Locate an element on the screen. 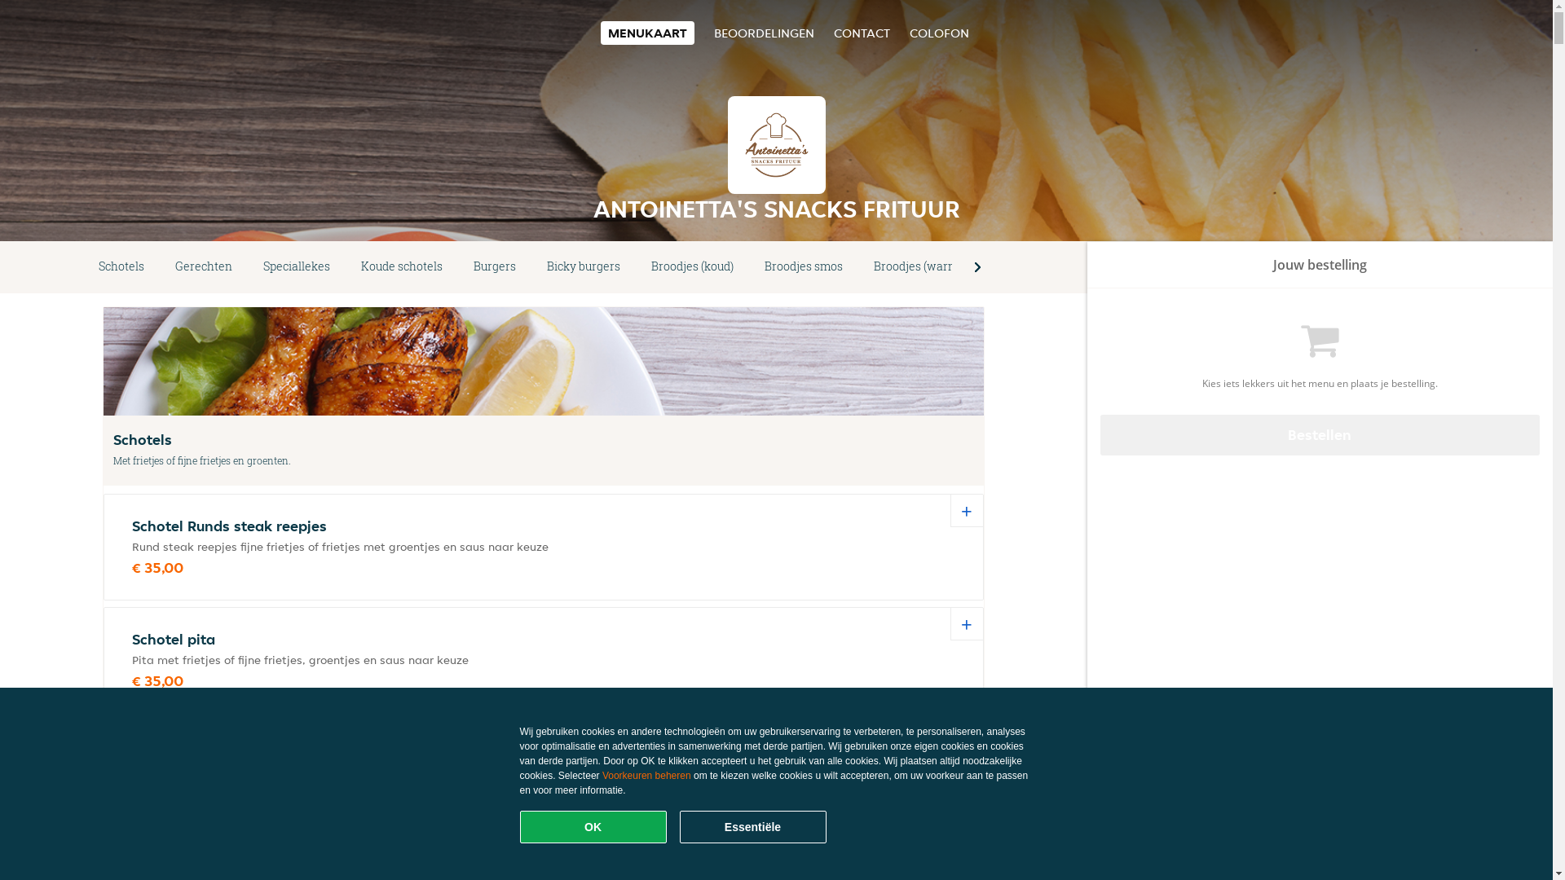 The height and width of the screenshot is (880, 1565). 'Broodjes smos' is located at coordinates (747, 266).